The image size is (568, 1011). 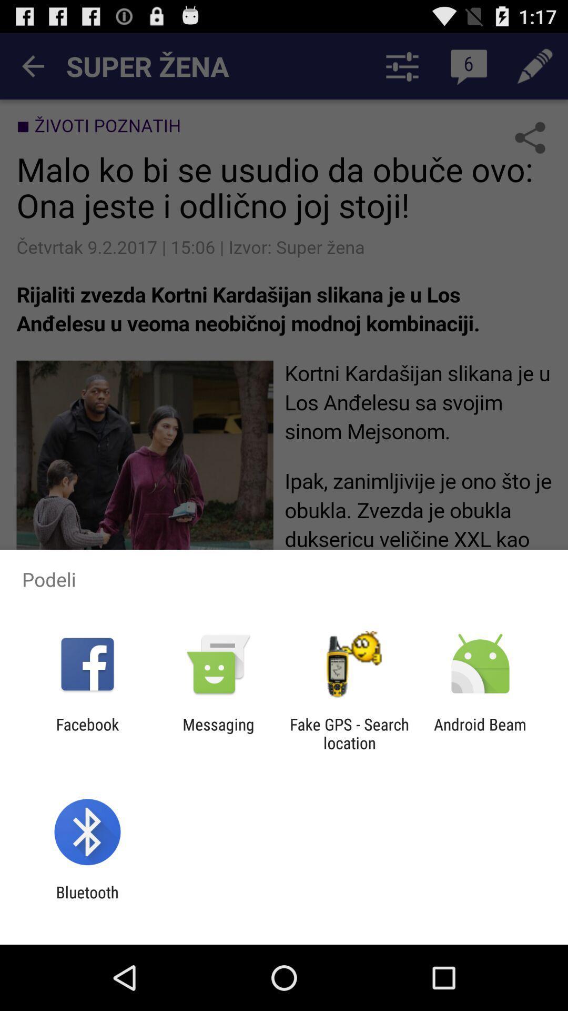 I want to click on android beam at the bottom right corner, so click(x=480, y=733).